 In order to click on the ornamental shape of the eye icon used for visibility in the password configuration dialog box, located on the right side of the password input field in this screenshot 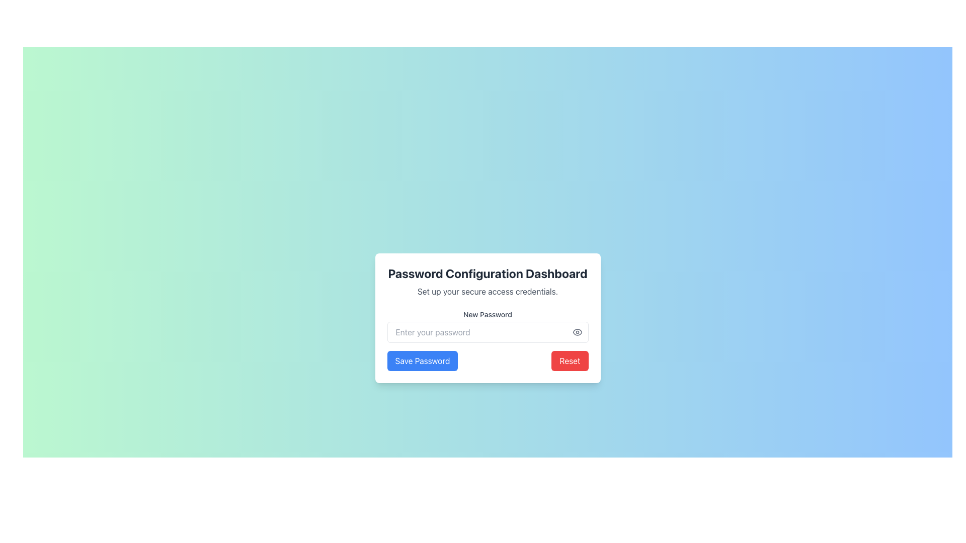, I will do `click(577, 332)`.